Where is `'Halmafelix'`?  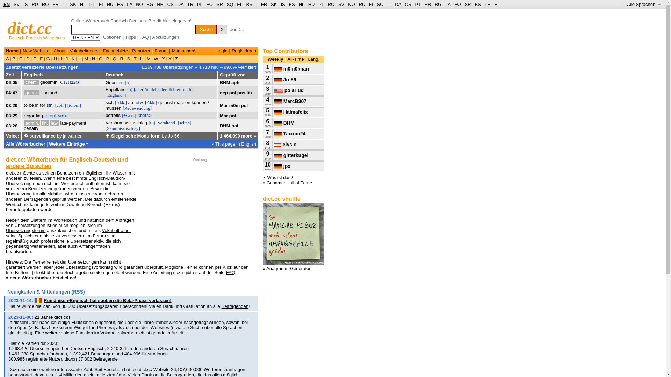
'Halmafelix' is located at coordinates (291, 111).